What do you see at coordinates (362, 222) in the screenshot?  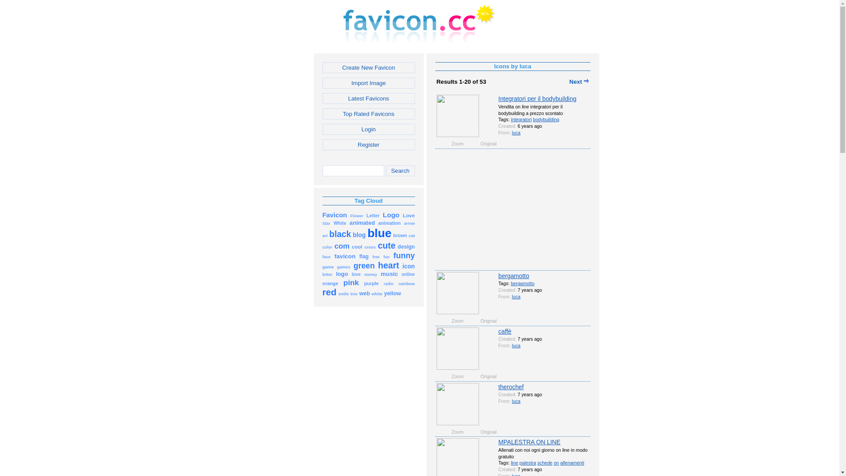 I see `'animated'` at bounding box center [362, 222].